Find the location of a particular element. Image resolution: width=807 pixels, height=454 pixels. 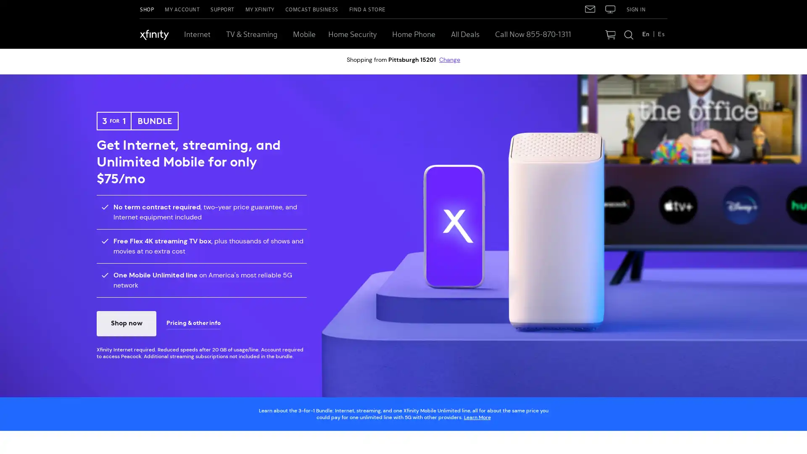

Search Xfinity.com is located at coordinates (628, 33).